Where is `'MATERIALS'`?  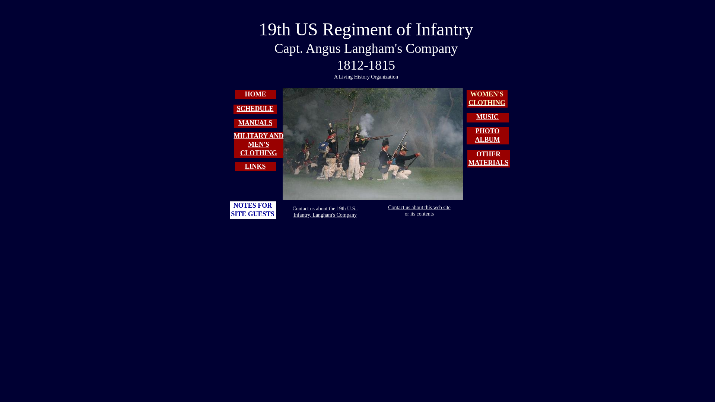 'MATERIALS' is located at coordinates (488, 162).